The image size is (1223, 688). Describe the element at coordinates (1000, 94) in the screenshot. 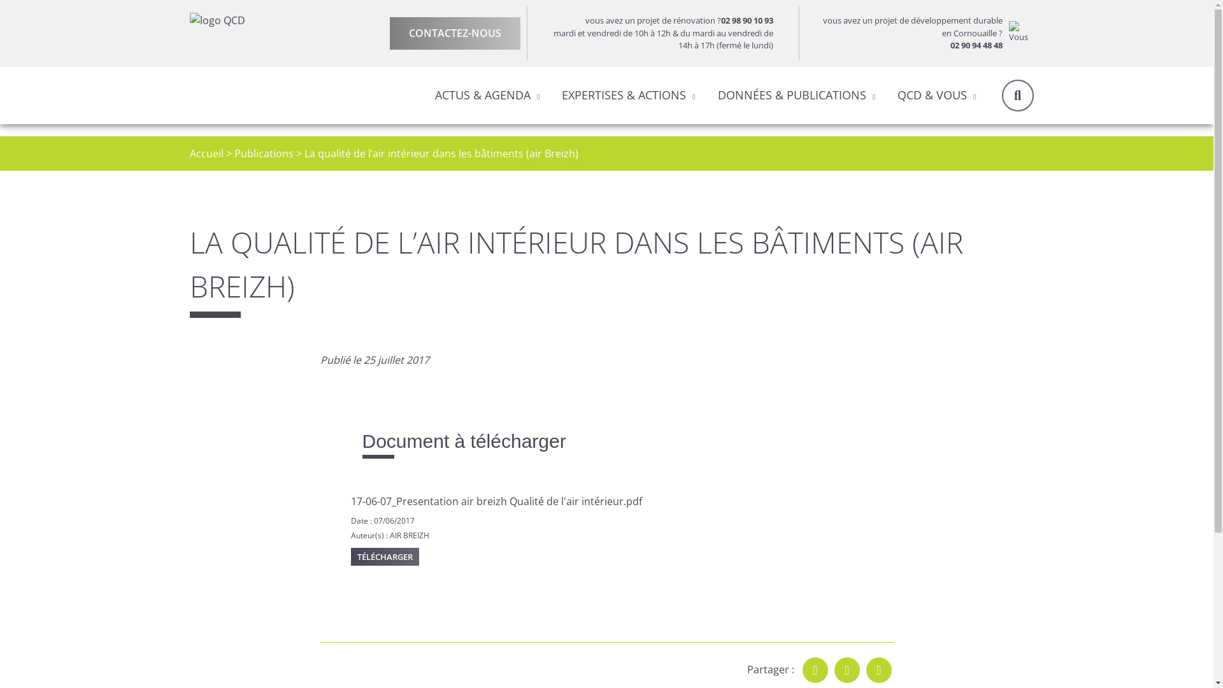

I see `'Recherche'` at that location.